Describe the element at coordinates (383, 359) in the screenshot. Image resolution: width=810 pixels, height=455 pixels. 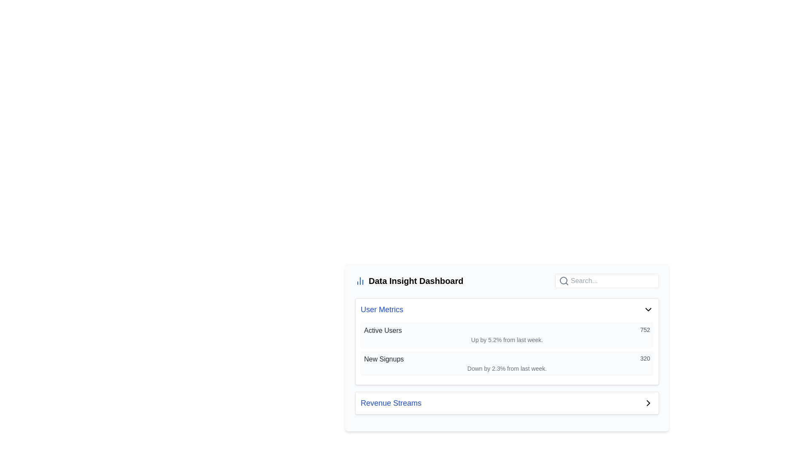
I see `the 'New Signups' text label located under the 'User Metrics' section` at that location.